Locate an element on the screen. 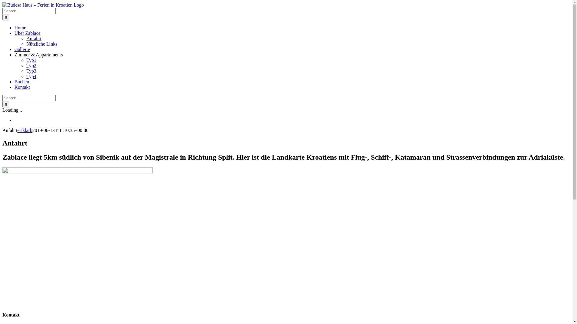 The image size is (577, 324). 'Kontakt' is located at coordinates (22, 87).